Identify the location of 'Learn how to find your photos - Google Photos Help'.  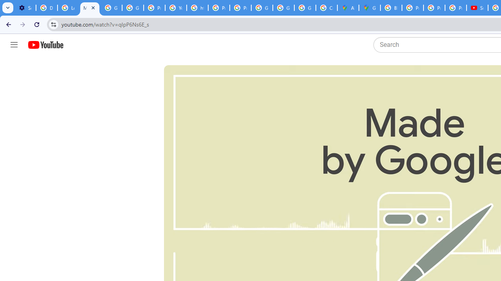
(68, 8).